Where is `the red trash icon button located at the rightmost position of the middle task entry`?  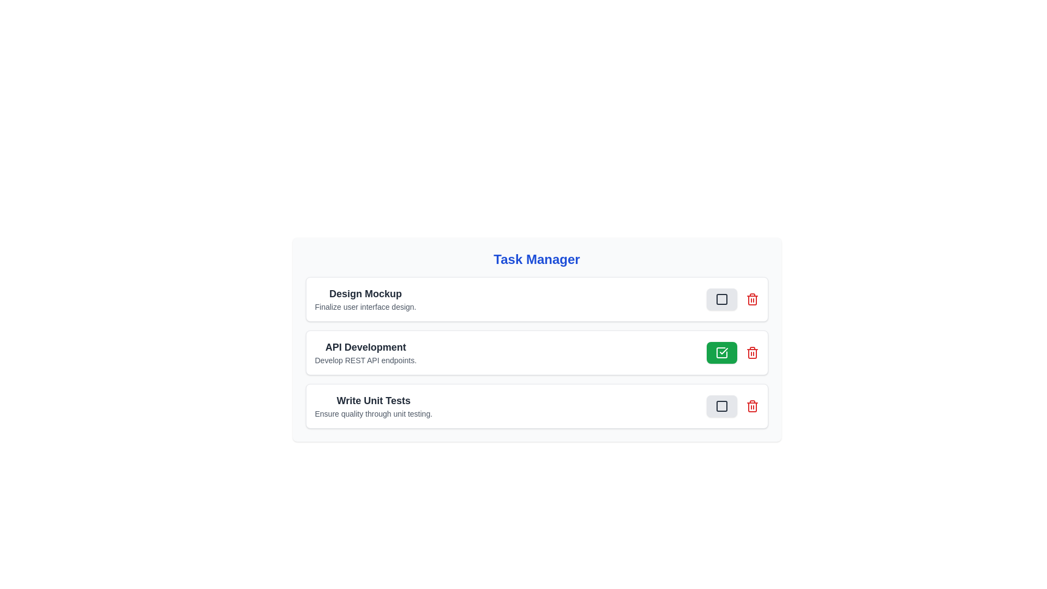 the red trash icon button located at the rightmost position of the middle task entry is located at coordinates (751, 353).